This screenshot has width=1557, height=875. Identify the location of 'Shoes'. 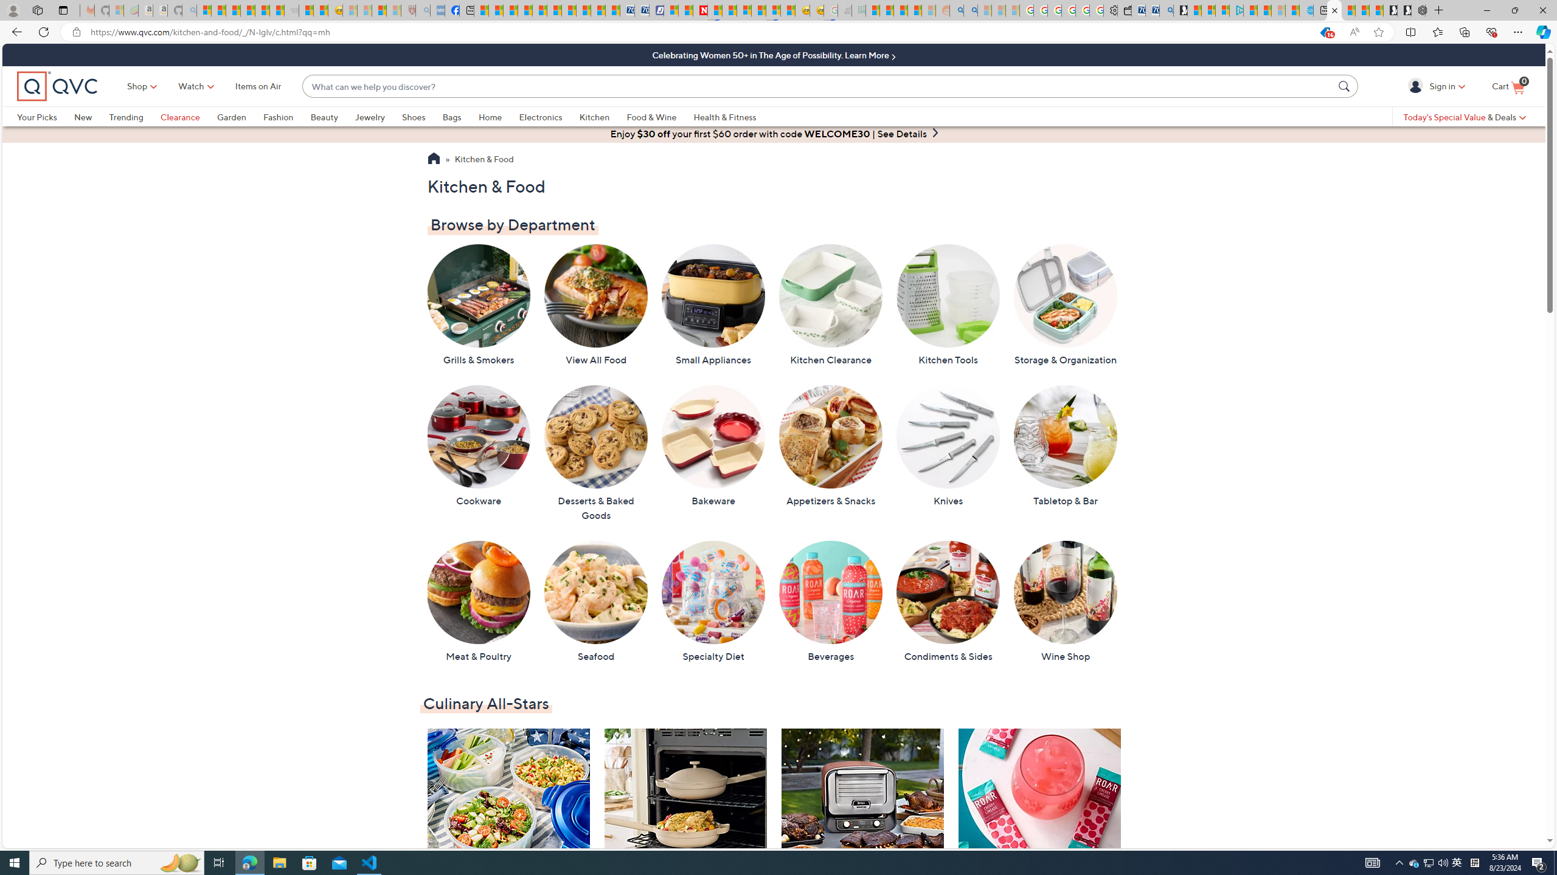
(421, 116).